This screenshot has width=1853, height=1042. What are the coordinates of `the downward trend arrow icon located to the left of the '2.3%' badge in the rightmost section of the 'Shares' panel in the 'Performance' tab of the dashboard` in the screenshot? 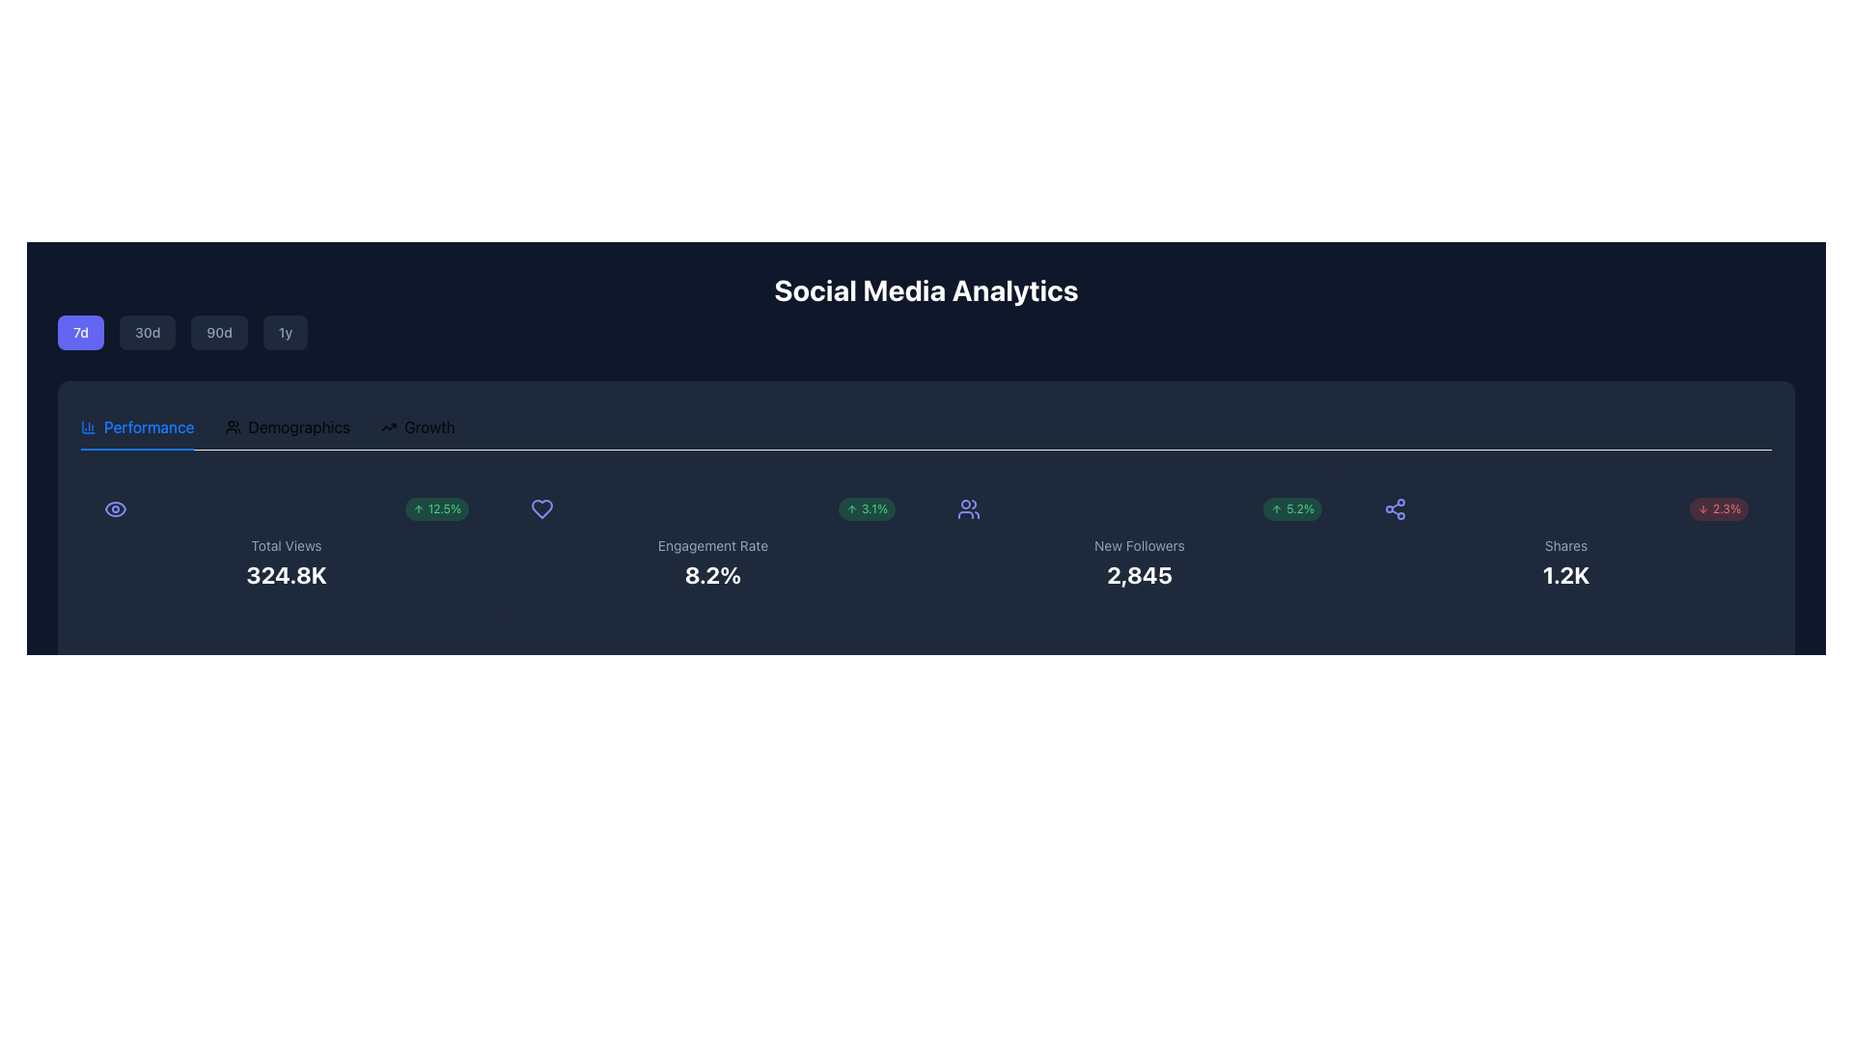 It's located at (1703, 508).